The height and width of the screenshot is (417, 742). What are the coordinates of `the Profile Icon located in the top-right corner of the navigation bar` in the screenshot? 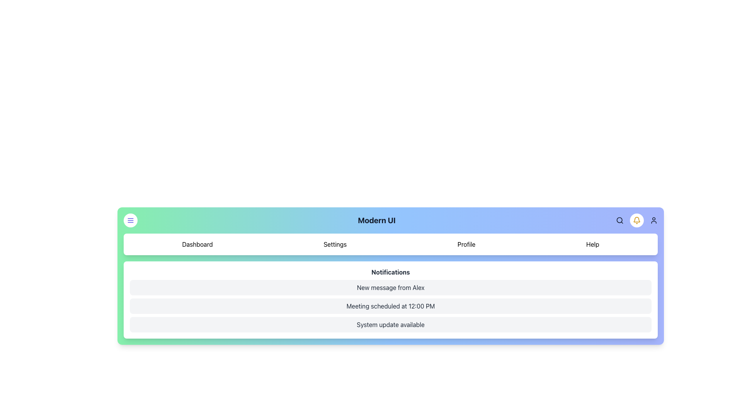 It's located at (653, 220).